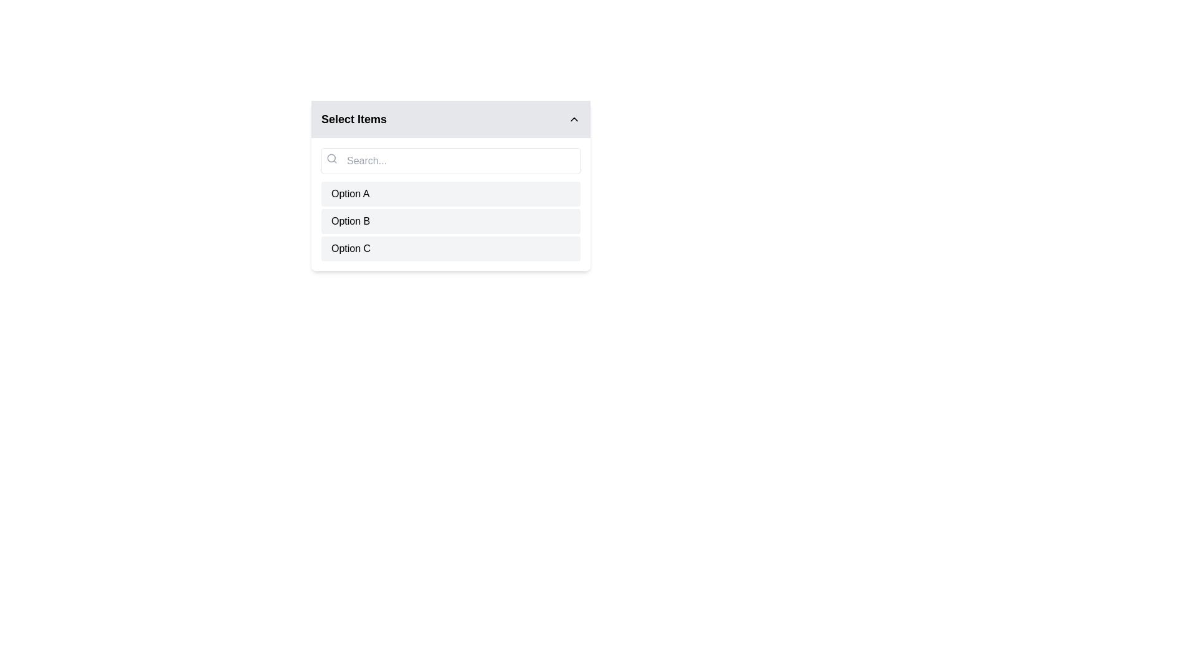 The height and width of the screenshot is (672, 1196). What do you see at coordinates (450, 220) in the screenshot?
I see `the second item in a list of selectable options, which is centrally positioned under a search field` at bounding box center [450, 220].